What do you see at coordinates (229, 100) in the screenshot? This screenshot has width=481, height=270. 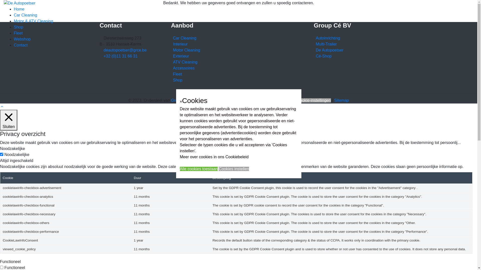 I see `'Website disclaimer & Privacybeleid'` at bounding box center [229, 100].